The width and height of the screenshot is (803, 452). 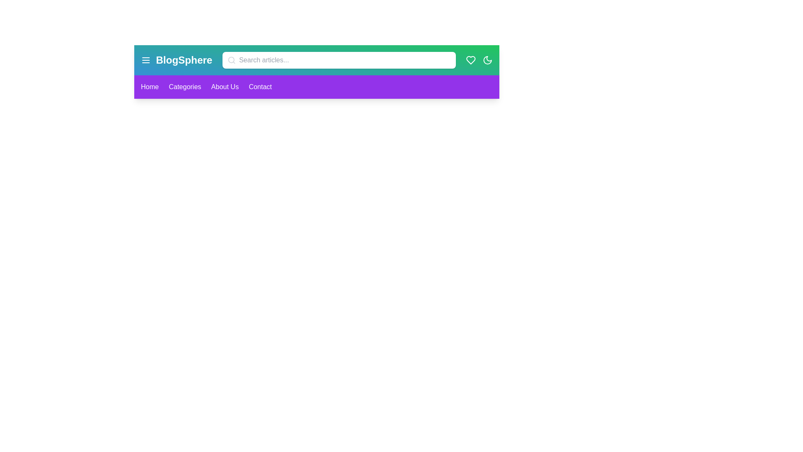 I want to click on the search bar and type 'example text', so click(x=339, y=59).